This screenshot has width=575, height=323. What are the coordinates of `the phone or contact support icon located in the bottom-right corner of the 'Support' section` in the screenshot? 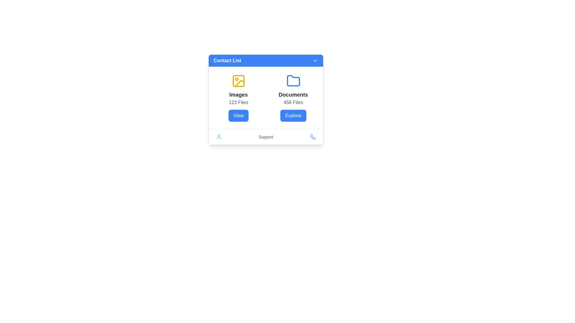 It's located at (313, 137).